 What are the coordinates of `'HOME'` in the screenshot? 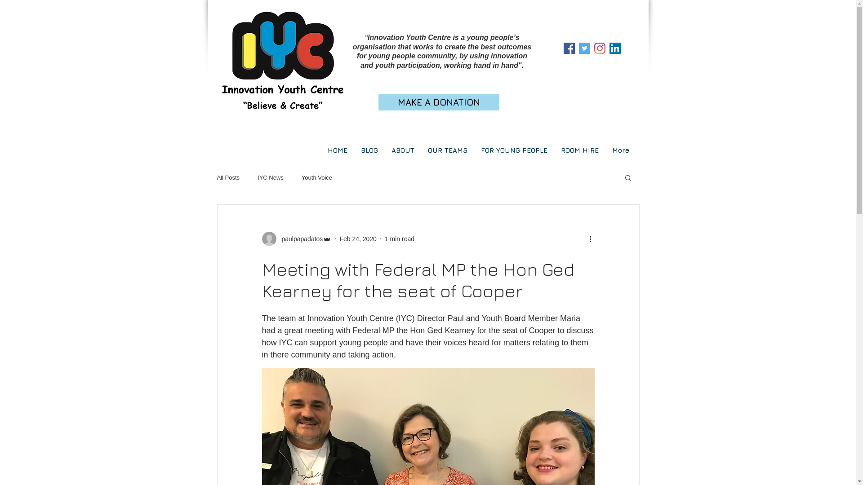 It's located at (337, 148).